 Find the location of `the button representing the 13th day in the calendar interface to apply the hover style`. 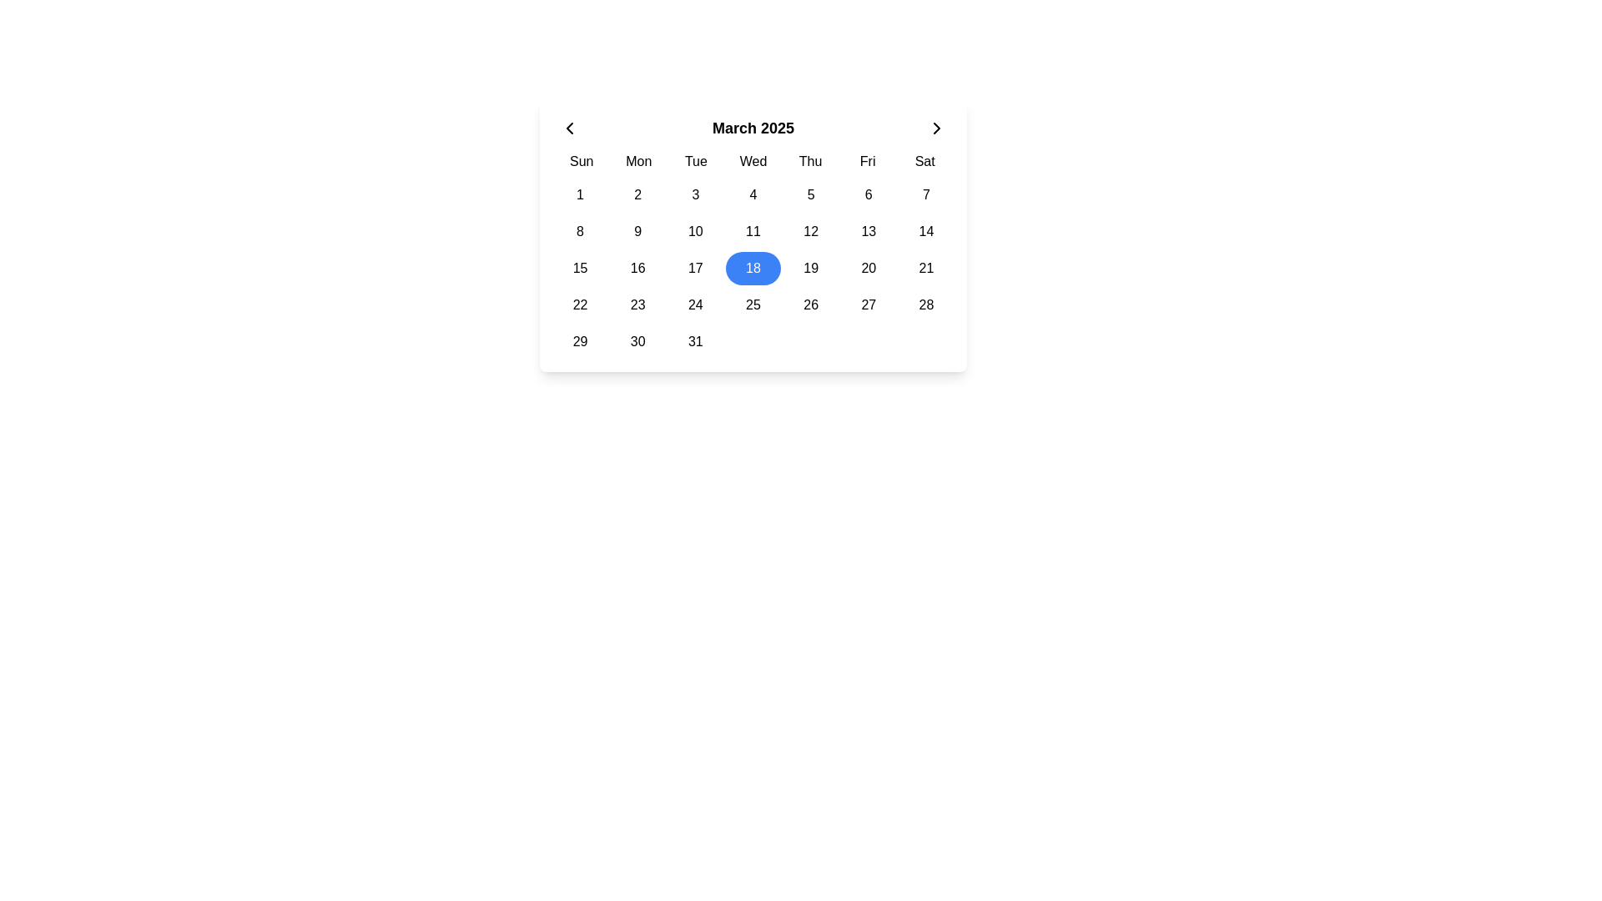

the button representing the 13th day in the calendar interface to apply the hover style is located at coordinates (868, 231).